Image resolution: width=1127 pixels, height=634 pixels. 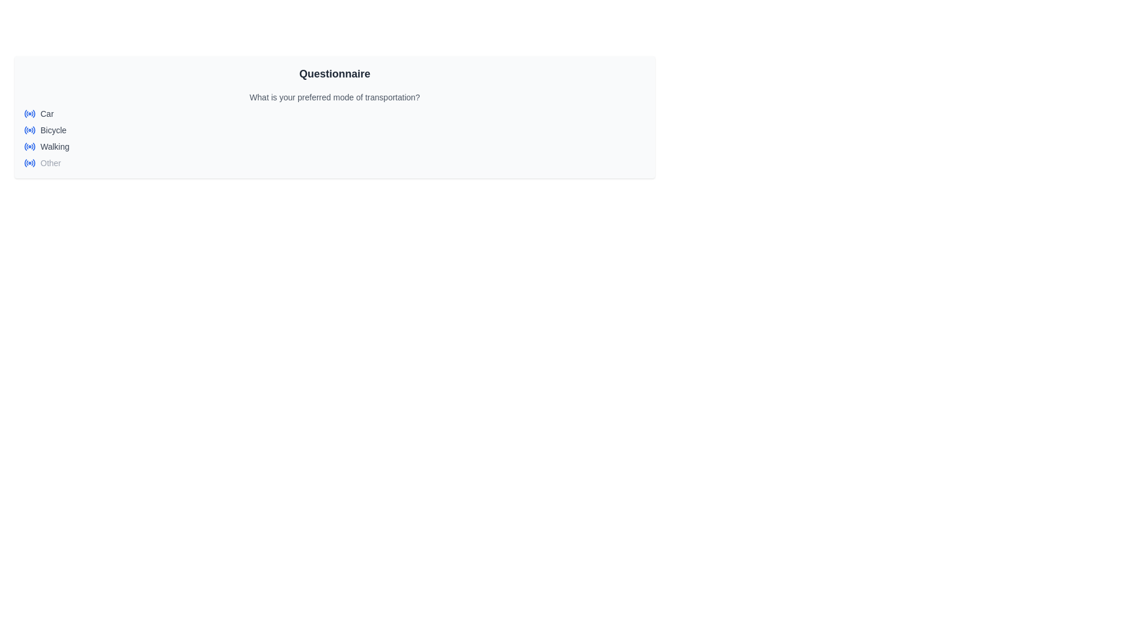 What do you see at coordinates (334, 96) in the screenshot?
I see `the Text label guiding the user to select their preferred transportation mode in the survey interface` at bounding box center [334, 96].